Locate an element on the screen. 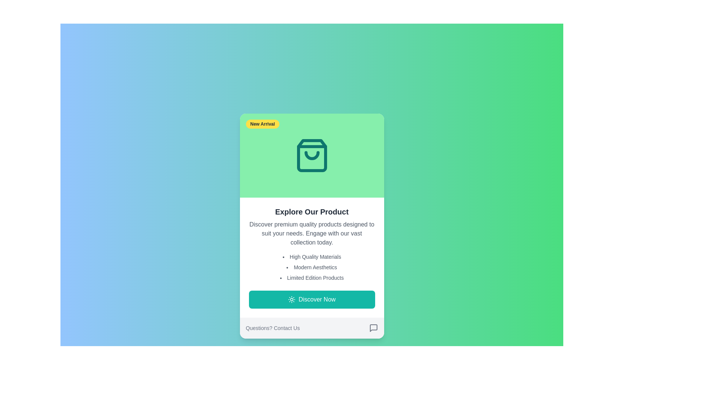 Image resolution: width=721 pixels, height=405 pixels. the list of key features located in the middle of the interface card, positioned below the descriptive paragraph and above the 'Discover Now' button is located at coordinates (312, 267).